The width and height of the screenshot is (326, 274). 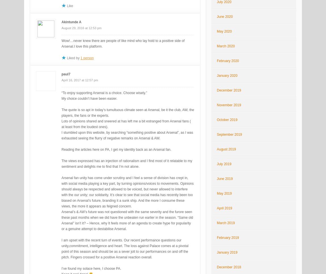 I want to click on 'April 2019', so click(x=224, y=208).